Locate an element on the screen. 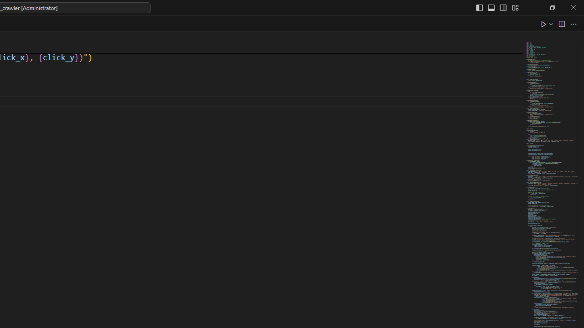  'Title actions' is located at coordinates (496, 7).